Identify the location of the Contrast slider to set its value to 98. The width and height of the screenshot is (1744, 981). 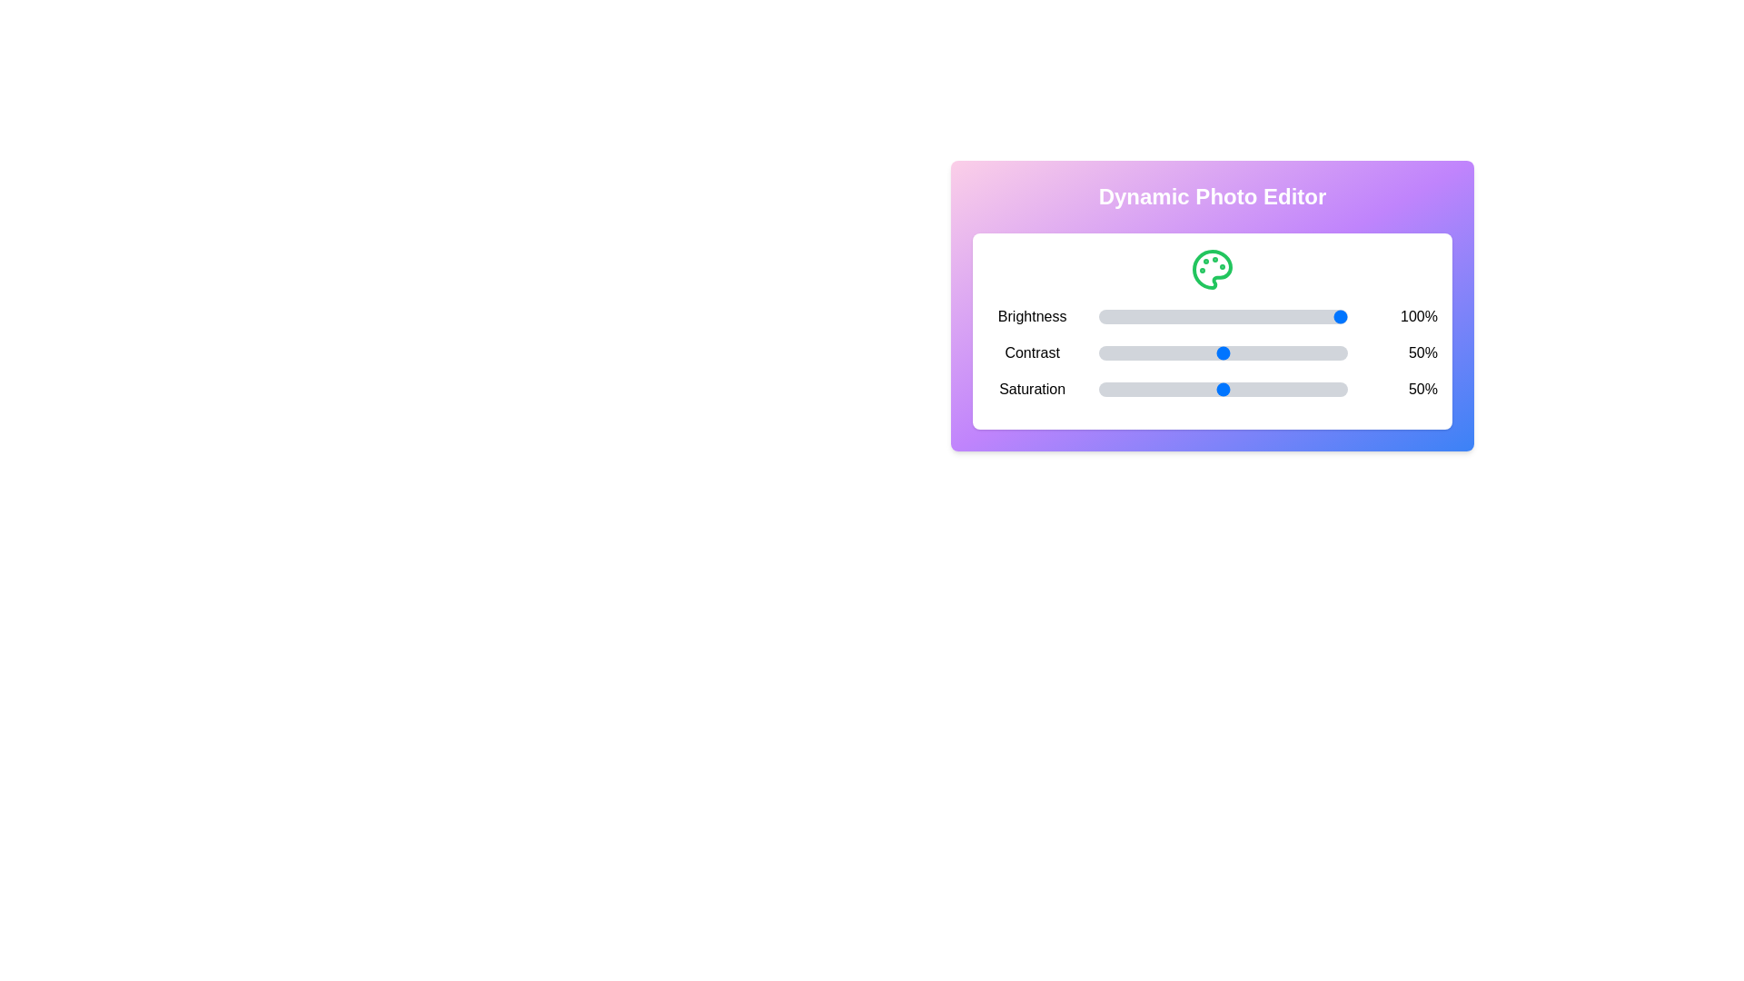
(1343, 353).